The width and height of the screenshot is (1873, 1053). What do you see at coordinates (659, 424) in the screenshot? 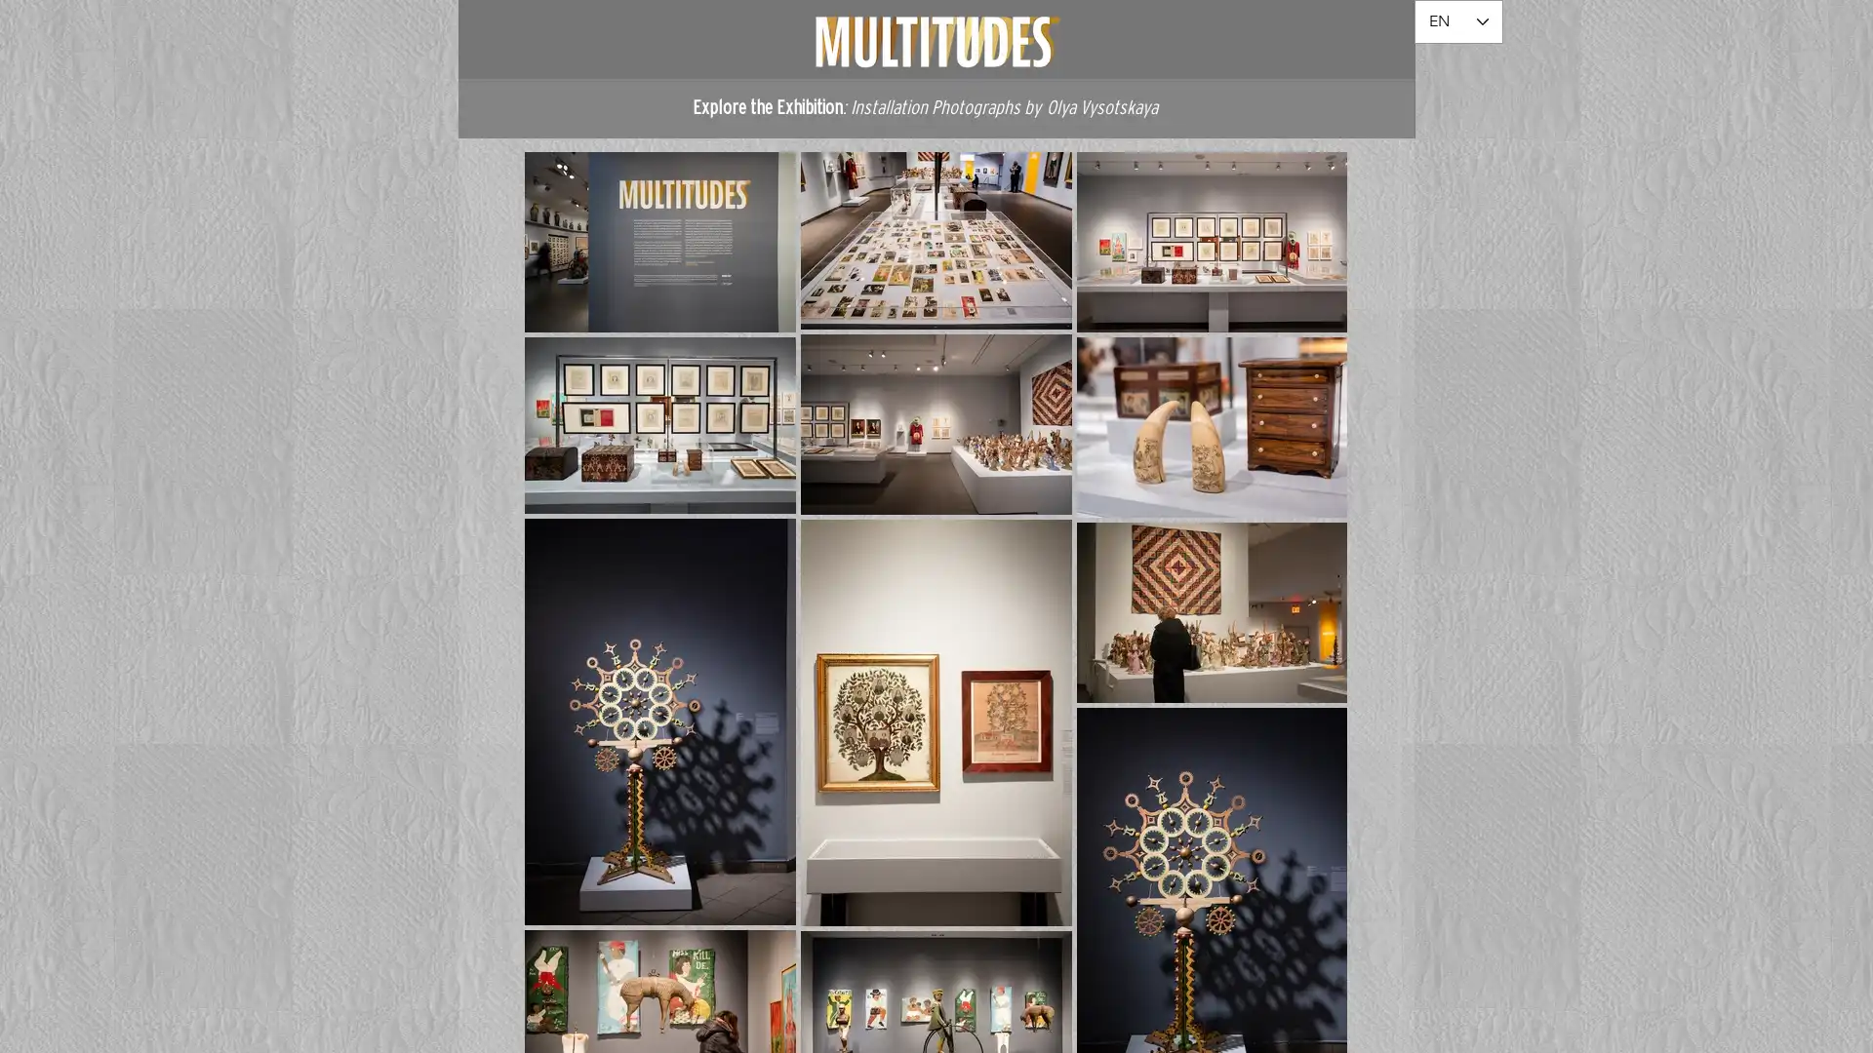
I see `EX - 2022 - Multitudes - AFAM - 086.jpg` at bounding box center [659, 424].